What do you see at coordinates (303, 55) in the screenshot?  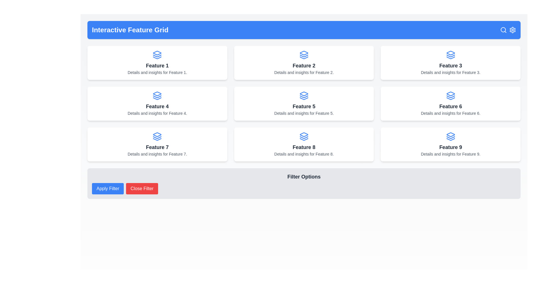 I see `the icon representing 'Feature 2' located in the center-top region of the card in the second column of the first row of the grid layout` at bounding box center [303, 55].